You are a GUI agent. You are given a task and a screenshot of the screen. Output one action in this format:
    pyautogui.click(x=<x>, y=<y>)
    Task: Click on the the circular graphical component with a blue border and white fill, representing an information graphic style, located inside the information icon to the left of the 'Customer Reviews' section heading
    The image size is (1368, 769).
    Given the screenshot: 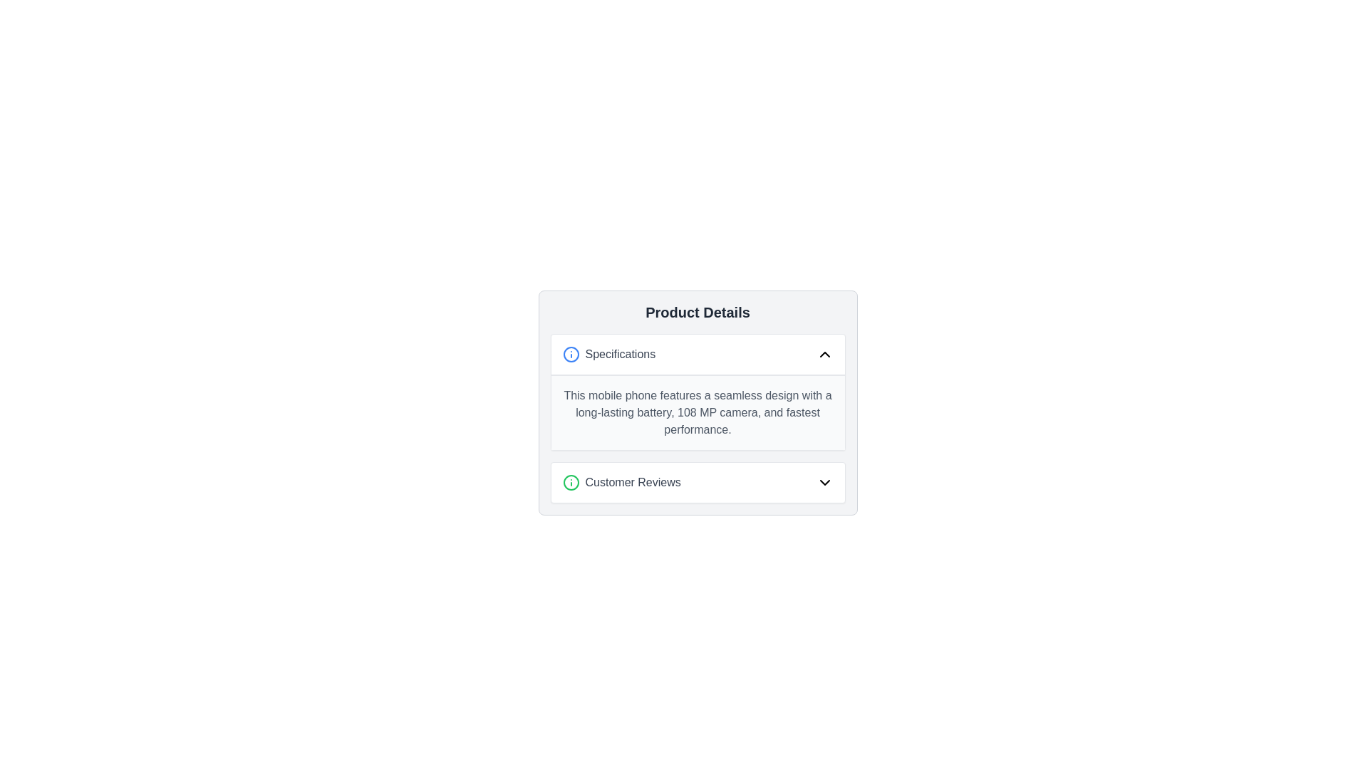 What is the action you would take?
    pyautogui.click(x=571, y=353)
    